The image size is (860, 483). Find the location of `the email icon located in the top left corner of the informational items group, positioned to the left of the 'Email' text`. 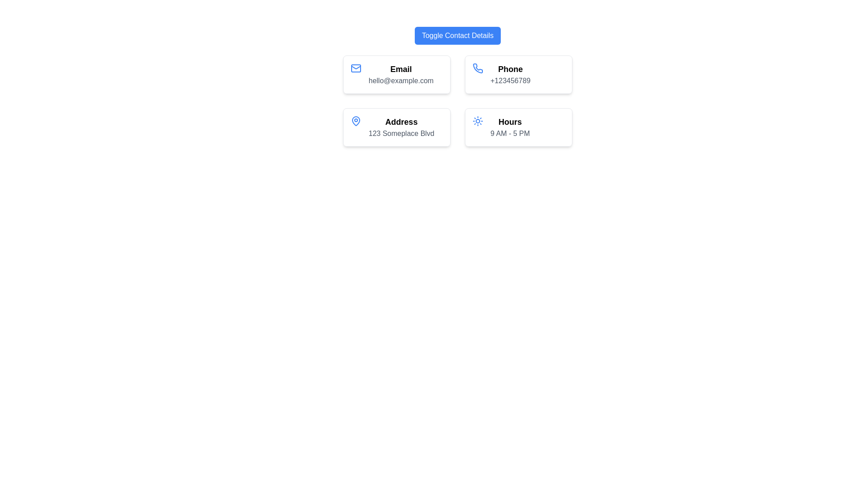

the email icon located in the top left corner of the informational items group, positioned to the left of the 'Email' text is located at coordinates (356, 68).